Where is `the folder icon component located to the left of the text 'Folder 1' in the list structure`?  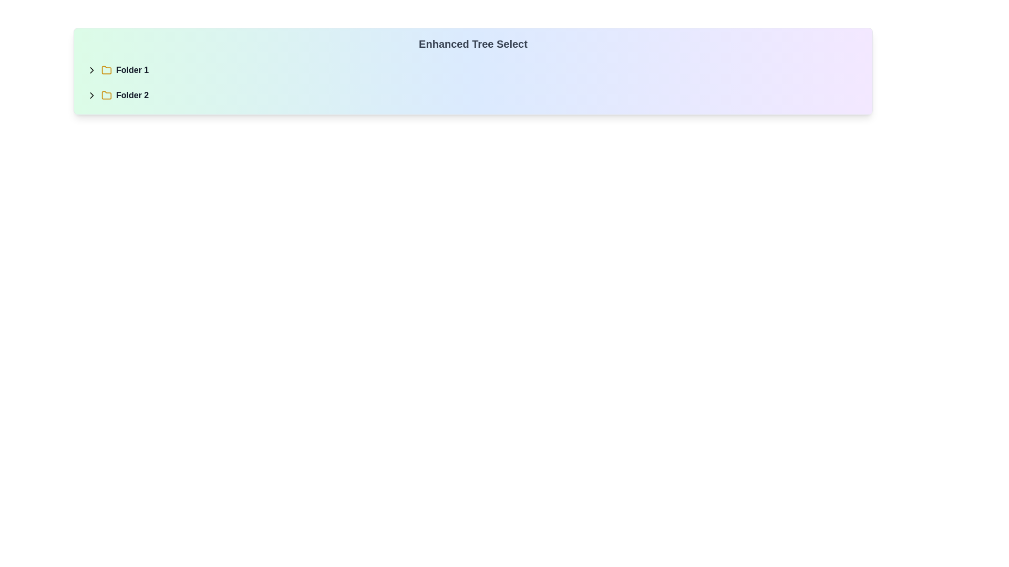
the folder icon component located to the left of the text 'Folder 1' in the list structure is located at coordinates (106, 69).